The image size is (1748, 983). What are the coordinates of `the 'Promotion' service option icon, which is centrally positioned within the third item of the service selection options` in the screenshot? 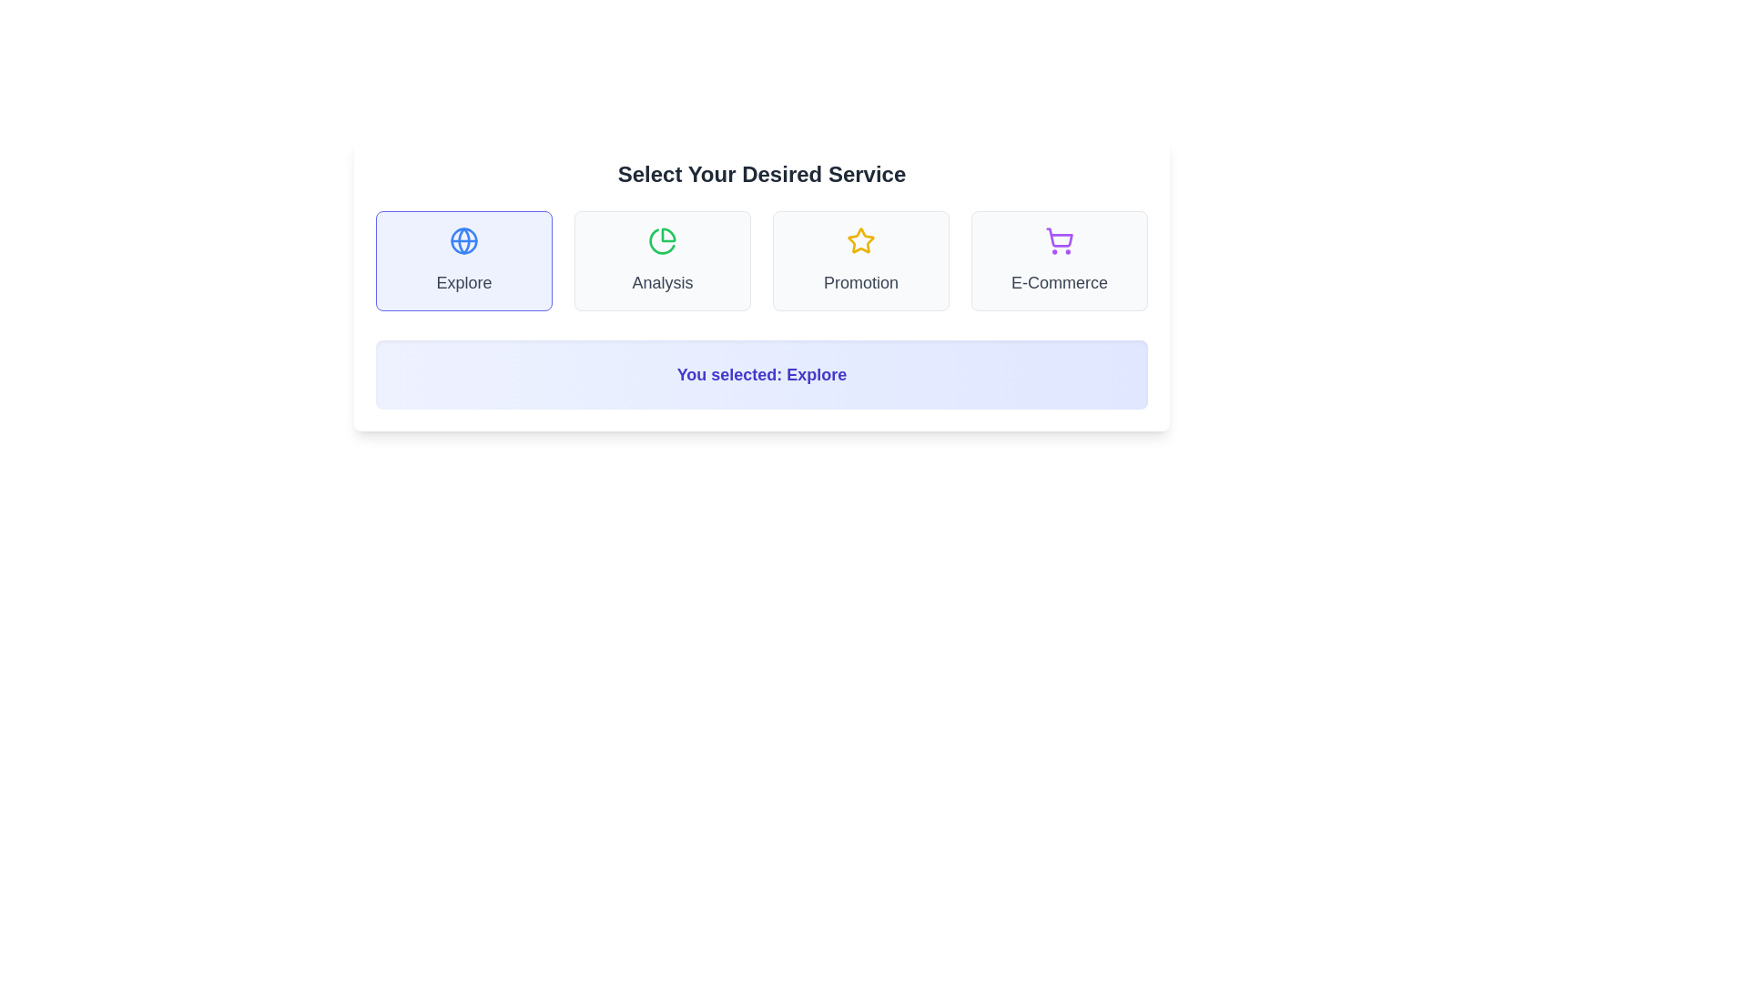 It's located at (859, 239).